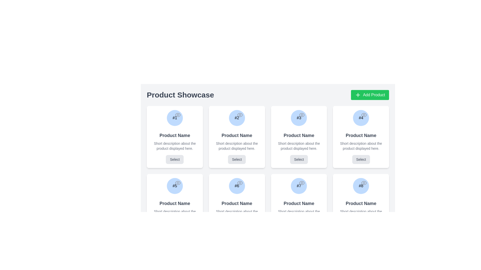 The height and width of the screenshot is (270, 481). I want to click on the text label displaying the number '#2' within the light blue circular badge, located at the top-center of the product card in the second column of the first row, so click(236, 118).